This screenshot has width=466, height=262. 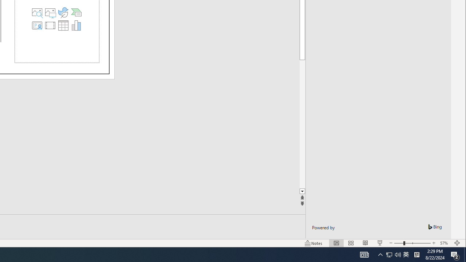 What do you see at coordinates (445, 243) in the screenshot?
I see `'Zoom 57%'` at bounding box center [445, 243].